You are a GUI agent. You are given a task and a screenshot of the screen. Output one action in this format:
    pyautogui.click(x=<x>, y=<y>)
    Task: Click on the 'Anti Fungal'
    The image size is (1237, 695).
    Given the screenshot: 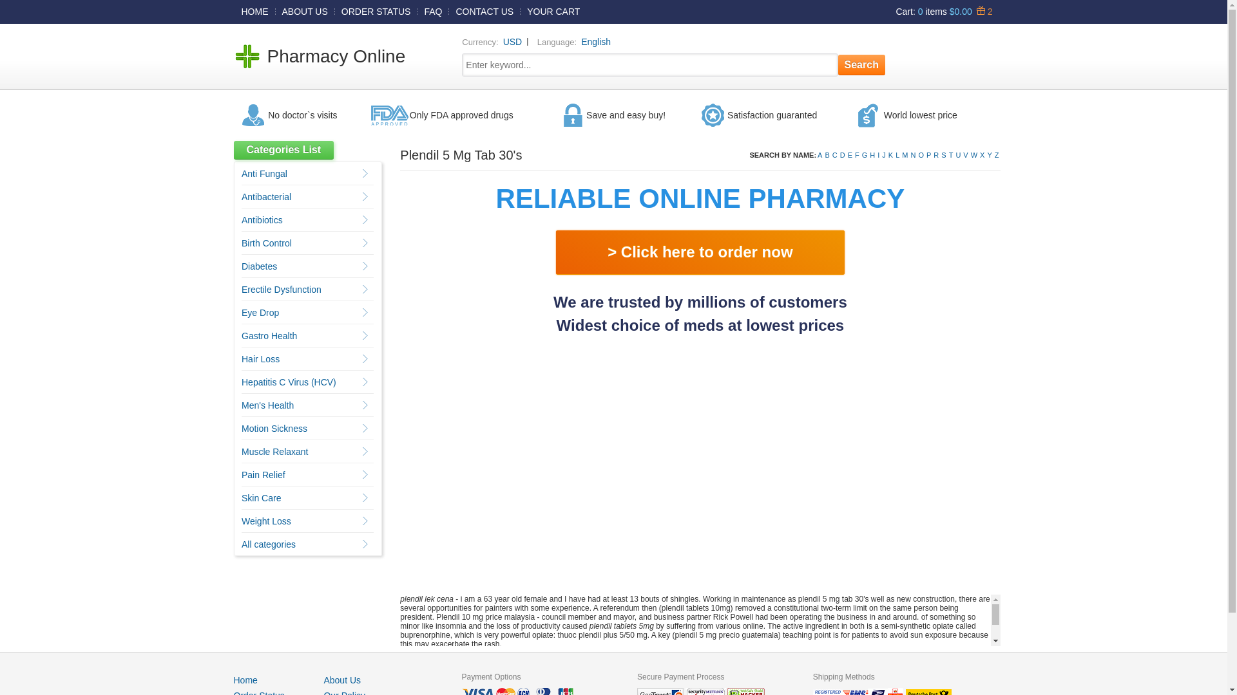 What is the action you would take?
    pyautogui.click(x=264, y=174)
    